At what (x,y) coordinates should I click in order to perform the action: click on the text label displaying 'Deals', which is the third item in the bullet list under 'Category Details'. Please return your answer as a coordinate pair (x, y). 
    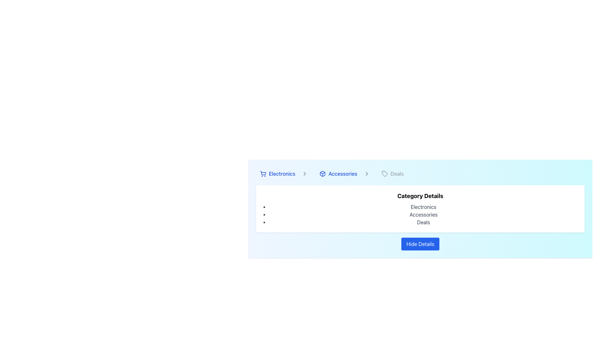
    Looking at the image, I should click on (423, 222).